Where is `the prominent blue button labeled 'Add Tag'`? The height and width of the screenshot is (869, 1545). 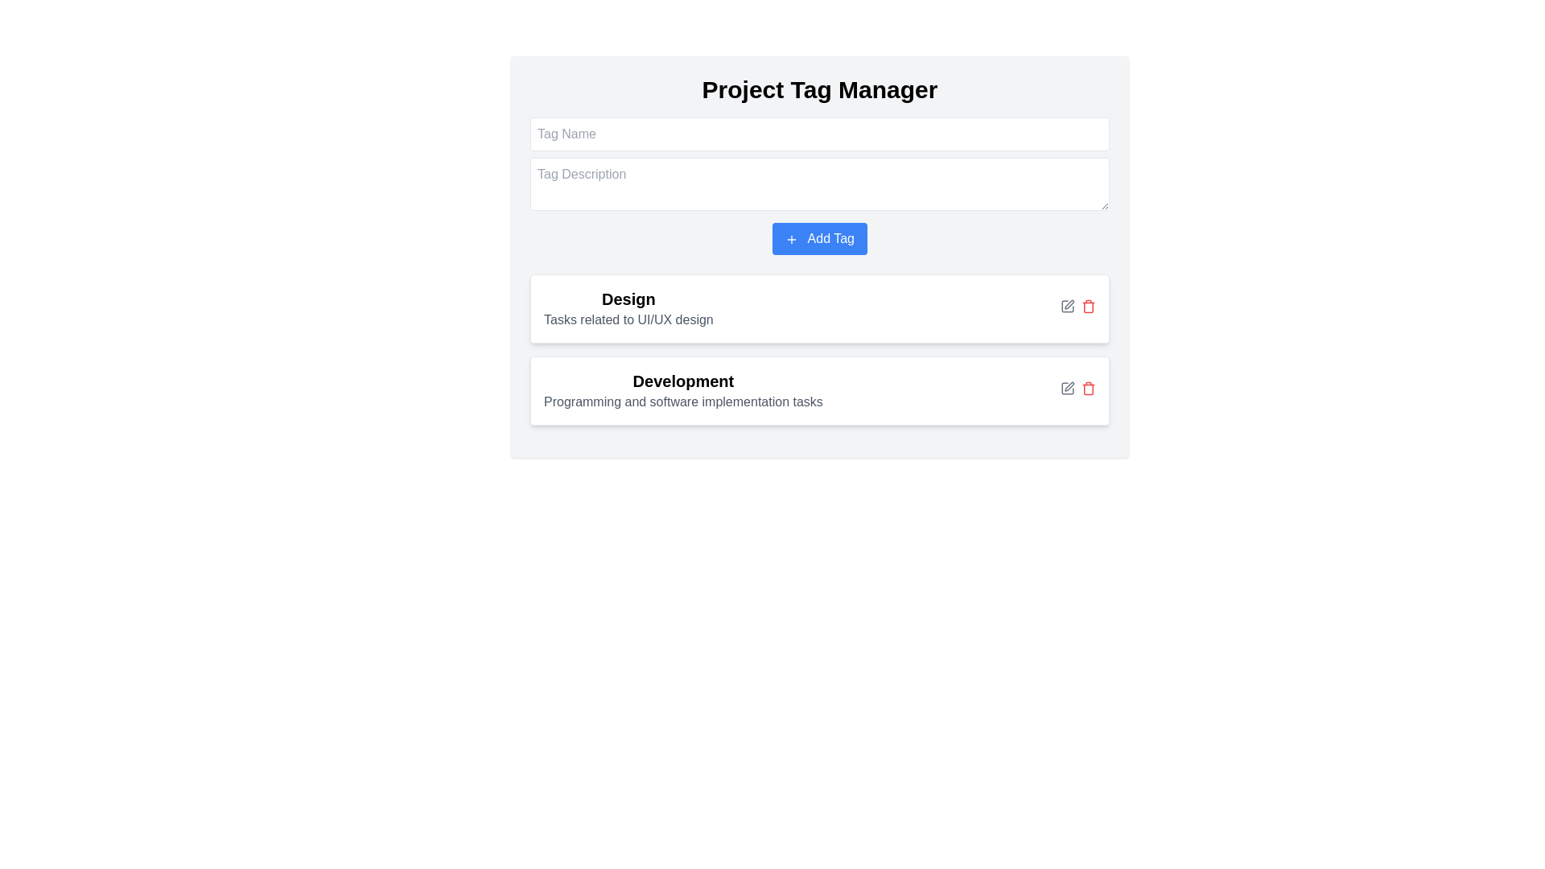 the prominent blue button labeled 'Add Tag' is located at coordinates (819, 256).